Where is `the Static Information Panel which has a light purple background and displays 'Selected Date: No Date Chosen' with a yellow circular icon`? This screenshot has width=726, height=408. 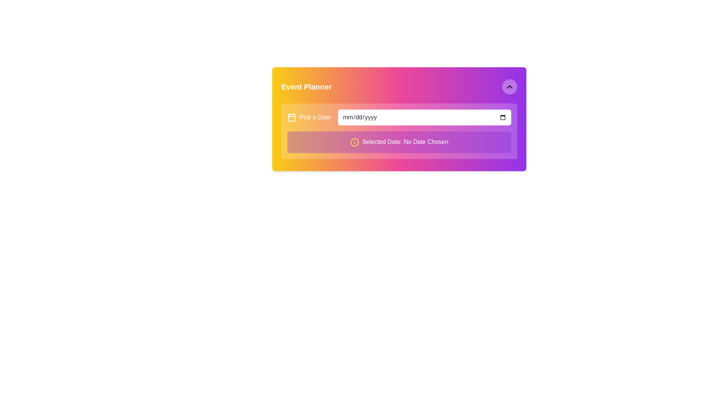 the Static Information Panel which has a light purple background and displays 'Selected Date: No Date Chosen' with a yellow circular icon is located at coordinates (399, 142).